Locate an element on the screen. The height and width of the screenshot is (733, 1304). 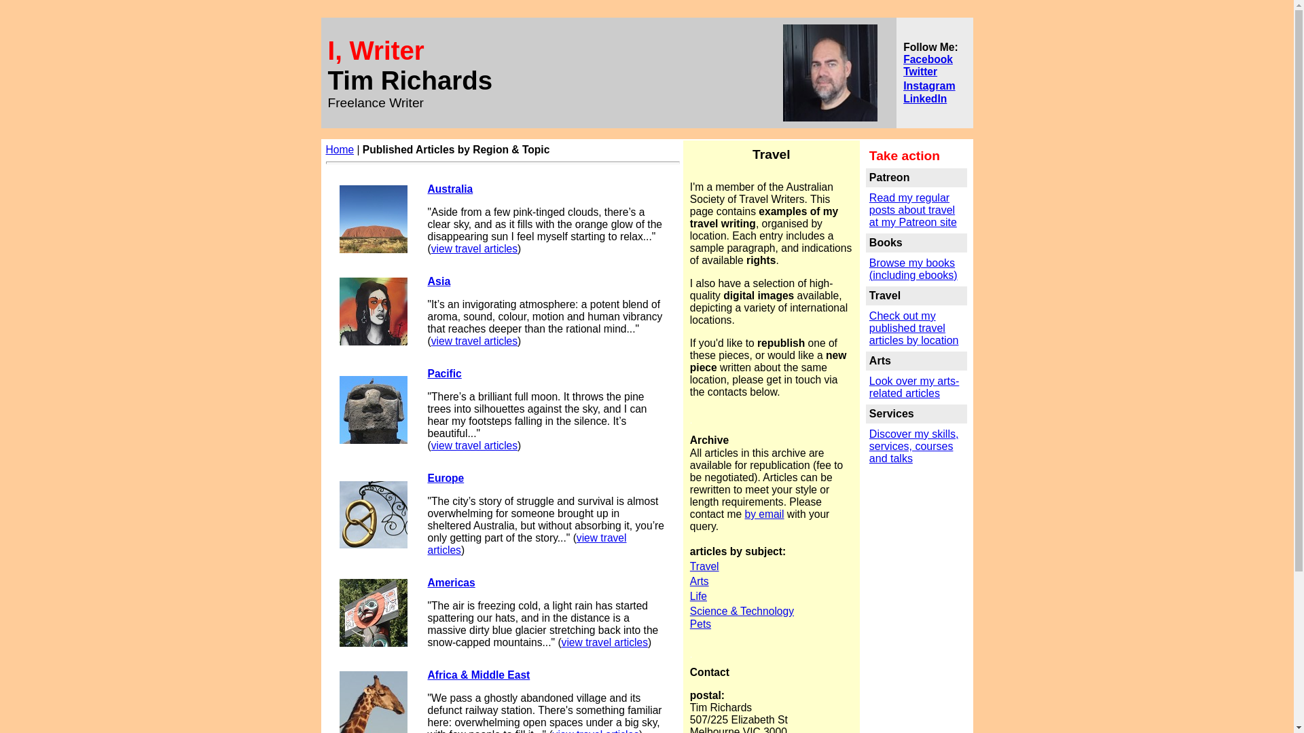
'Science & Technology' is located at coordinates (741, 611).